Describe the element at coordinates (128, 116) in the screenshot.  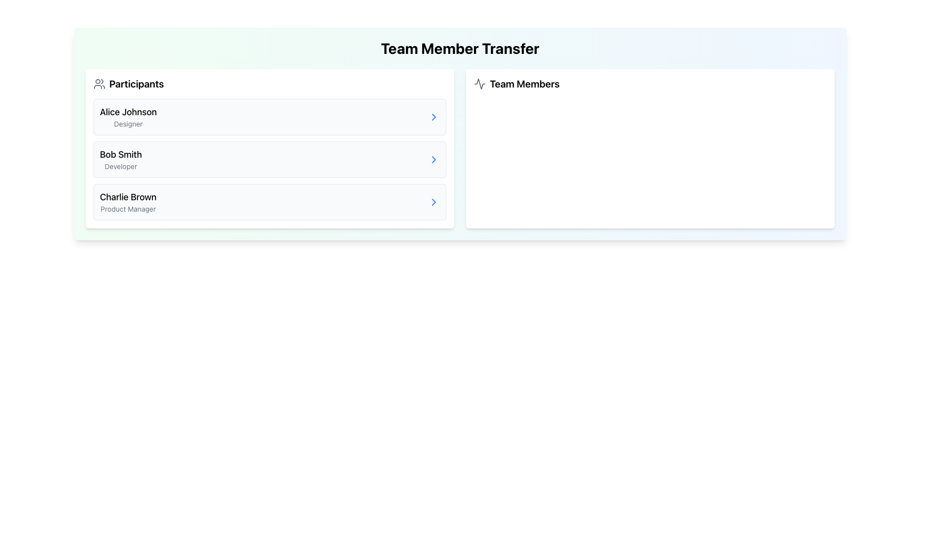
I see `the text label 'Alice Johnson' which is the first entry under the 'Participants' heading, styled with a larger bold font and accompanied by the role 'Designer' below it` at that location.